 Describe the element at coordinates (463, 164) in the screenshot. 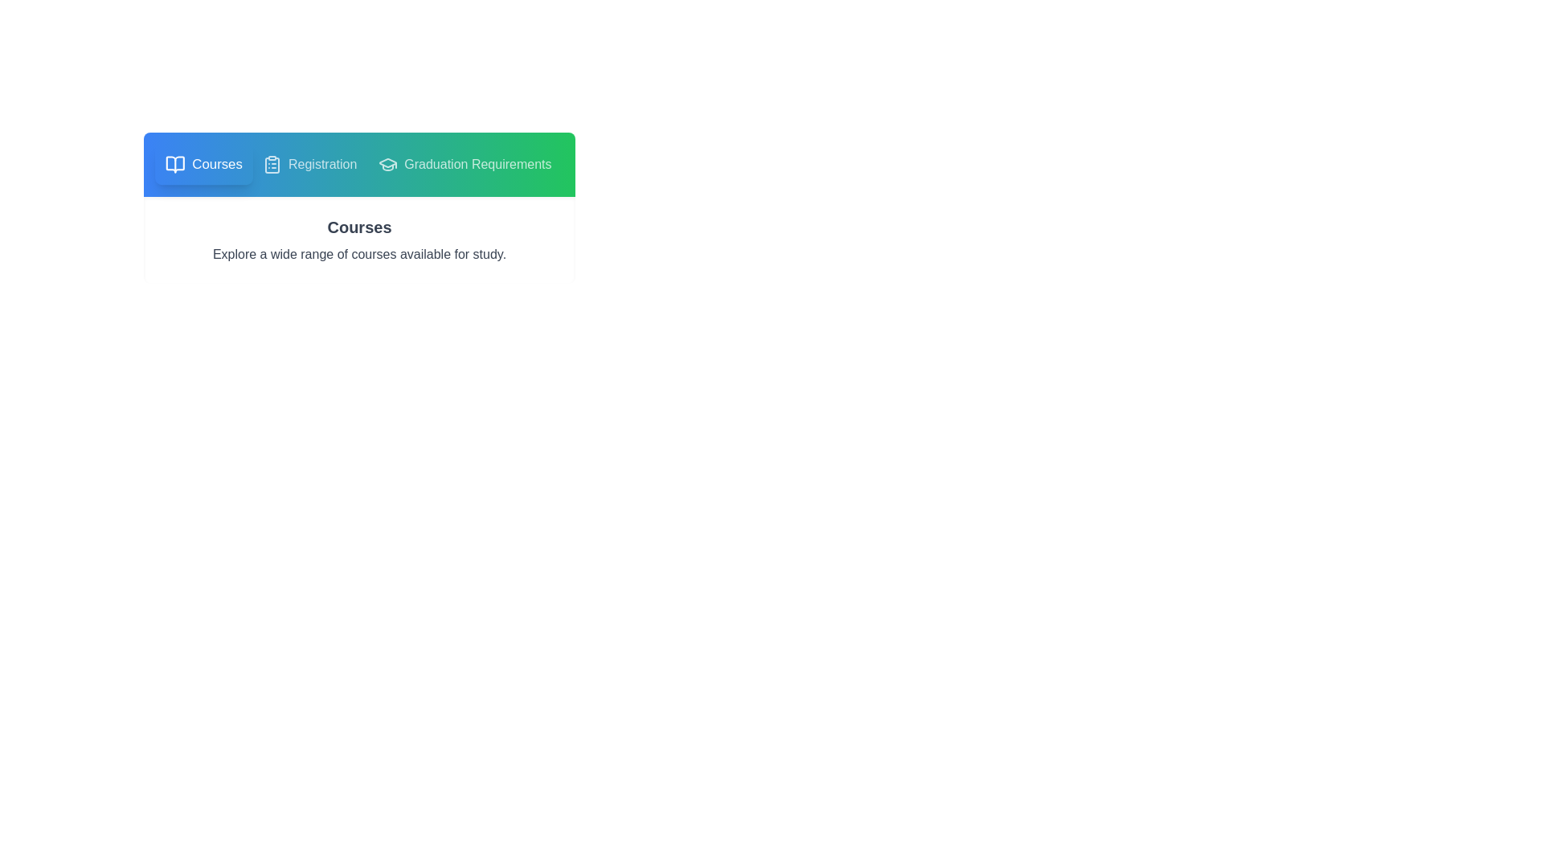

I see `the tab labeled Graduation Requirements` at that location.